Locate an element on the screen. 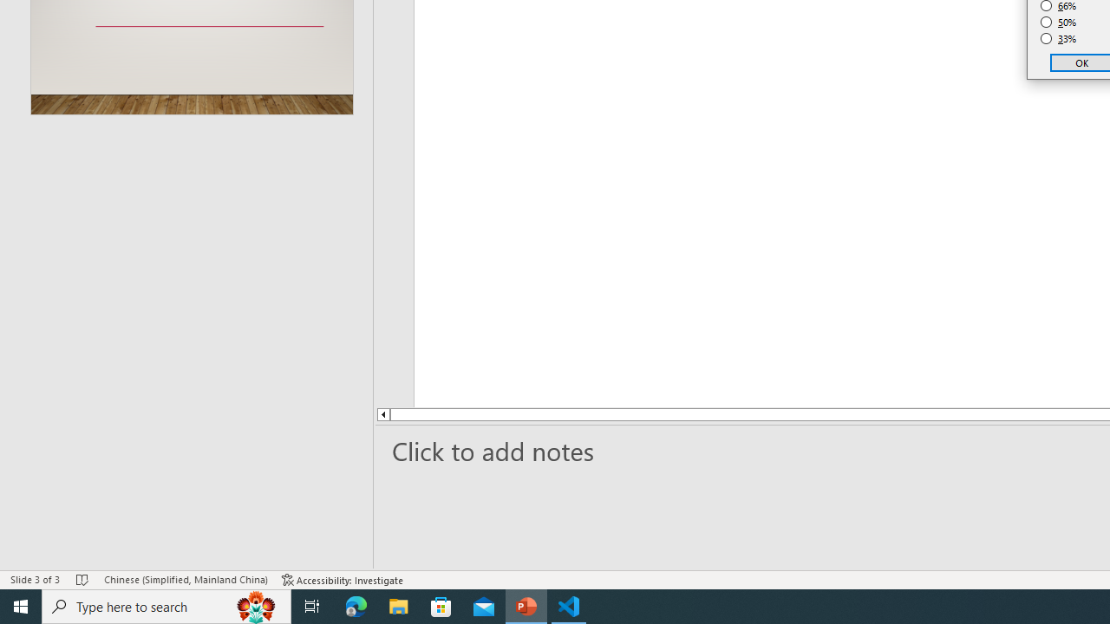 Image resolution: width=1110 pixels, height=624 pixels. '50%' is located at coordinates (1058, 22).